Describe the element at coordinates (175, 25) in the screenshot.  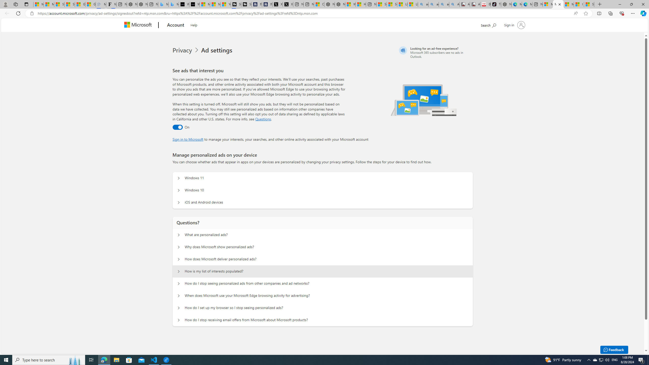
I see `'Account'` at that location.